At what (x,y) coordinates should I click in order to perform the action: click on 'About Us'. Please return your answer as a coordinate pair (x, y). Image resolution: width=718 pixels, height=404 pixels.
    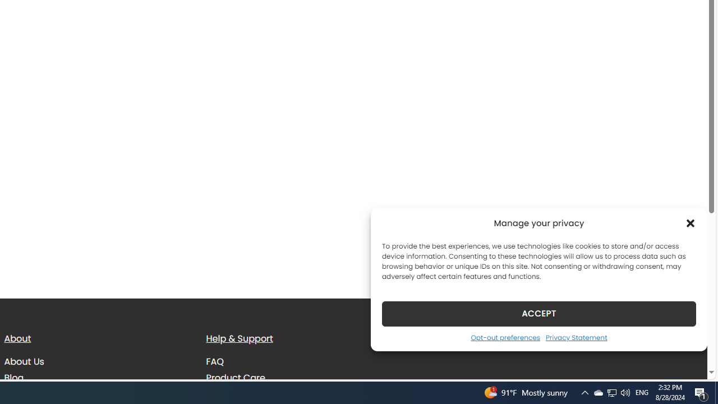
    Looking at the image, I should click on (24, 361).